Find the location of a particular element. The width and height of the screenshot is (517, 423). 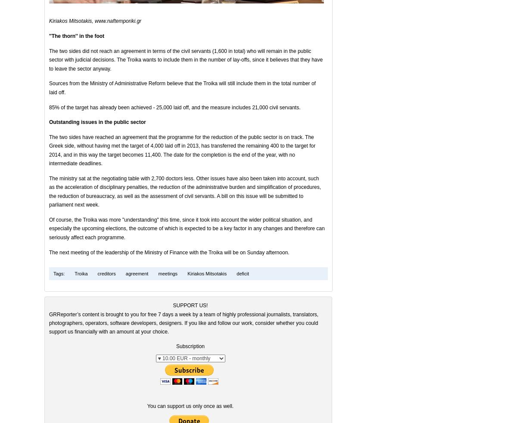

'agreement' is located at coordinates (136, 274).